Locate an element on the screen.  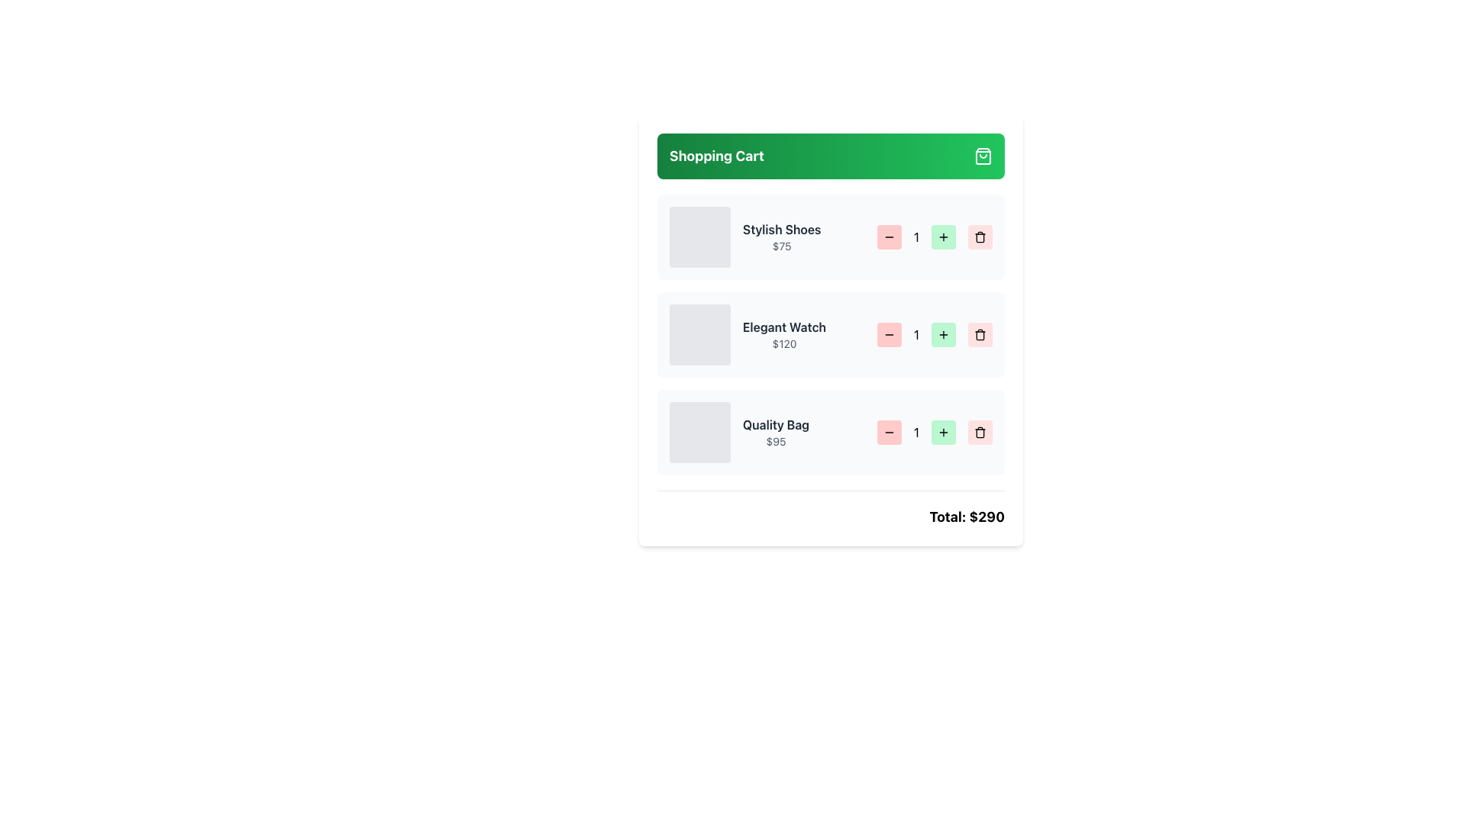
the 'Quality Bag' text label element that displays the price '$95' below it, located in the lower portion of the third row in the shopping cart interface is located at coordinates (776, 433).